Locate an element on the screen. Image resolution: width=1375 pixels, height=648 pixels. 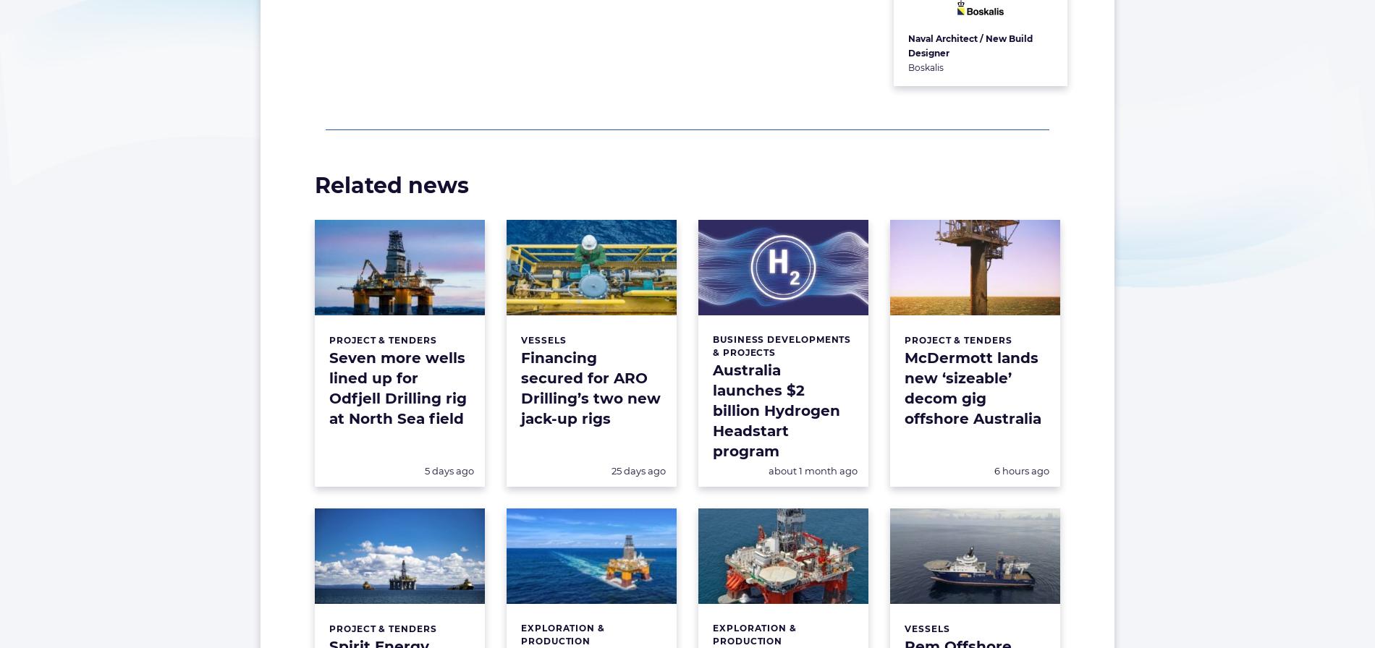
'Business Developments & Projects' is located at coordinates (782, 345).